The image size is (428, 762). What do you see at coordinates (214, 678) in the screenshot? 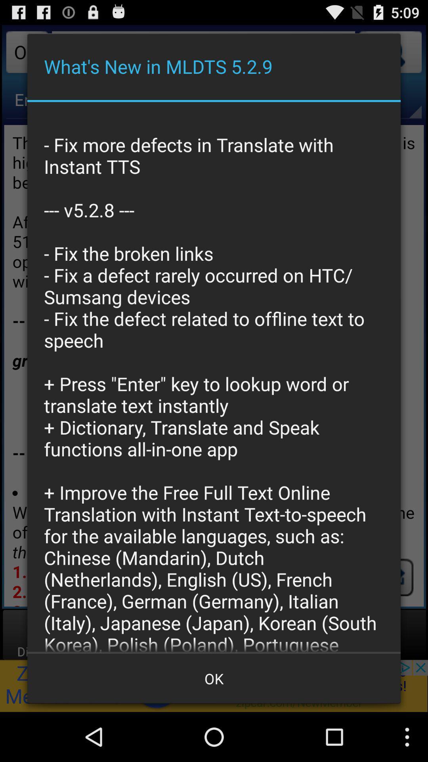
I see `the ok button` at bounding box center [214, 678].